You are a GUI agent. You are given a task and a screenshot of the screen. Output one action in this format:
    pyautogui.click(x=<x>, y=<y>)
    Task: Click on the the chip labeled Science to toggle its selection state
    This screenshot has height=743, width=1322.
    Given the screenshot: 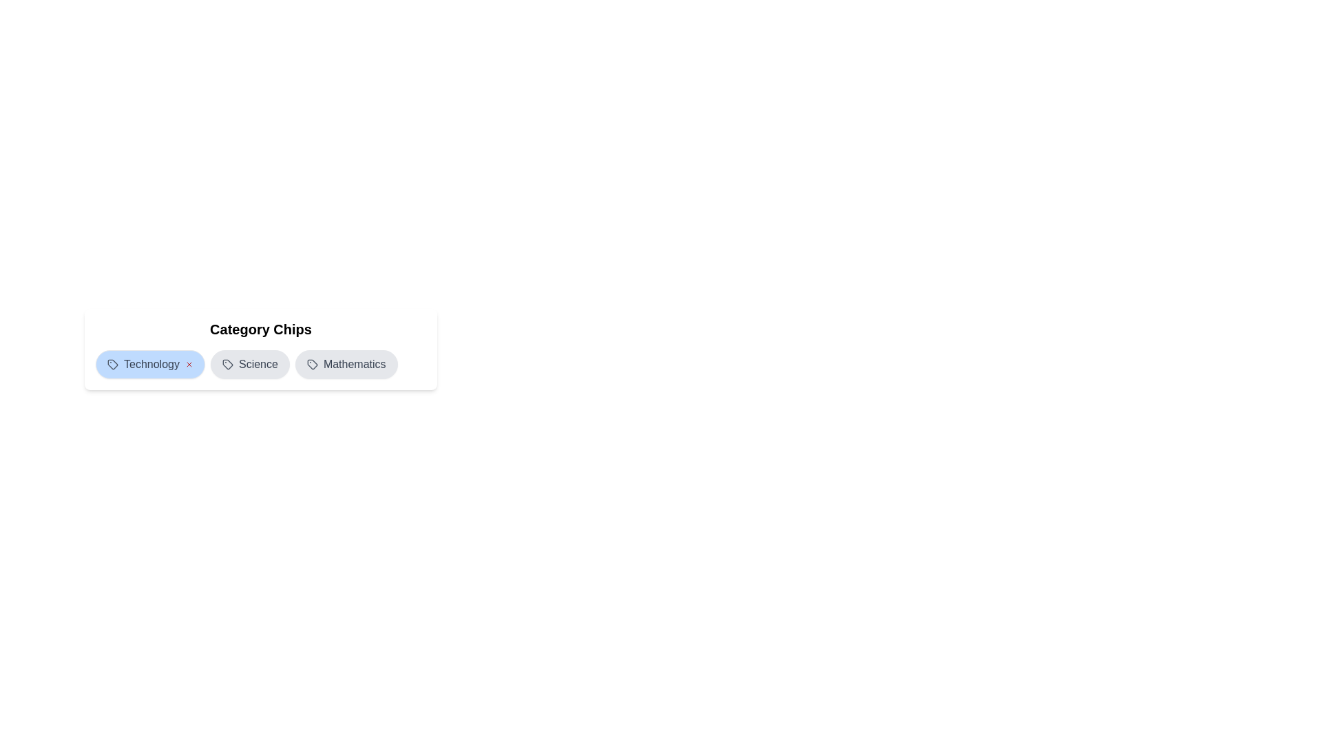 What is the action you would take?
    pyautogui.click(x=250, y=363)
    